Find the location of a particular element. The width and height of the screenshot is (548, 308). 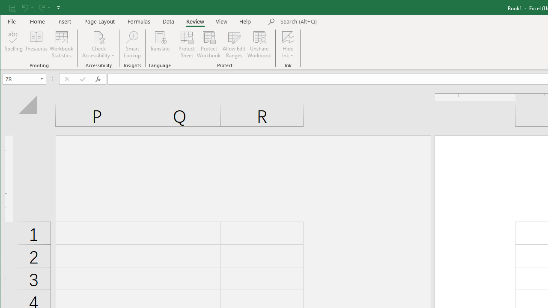

'Undo' is located at coordinates (27, 7).